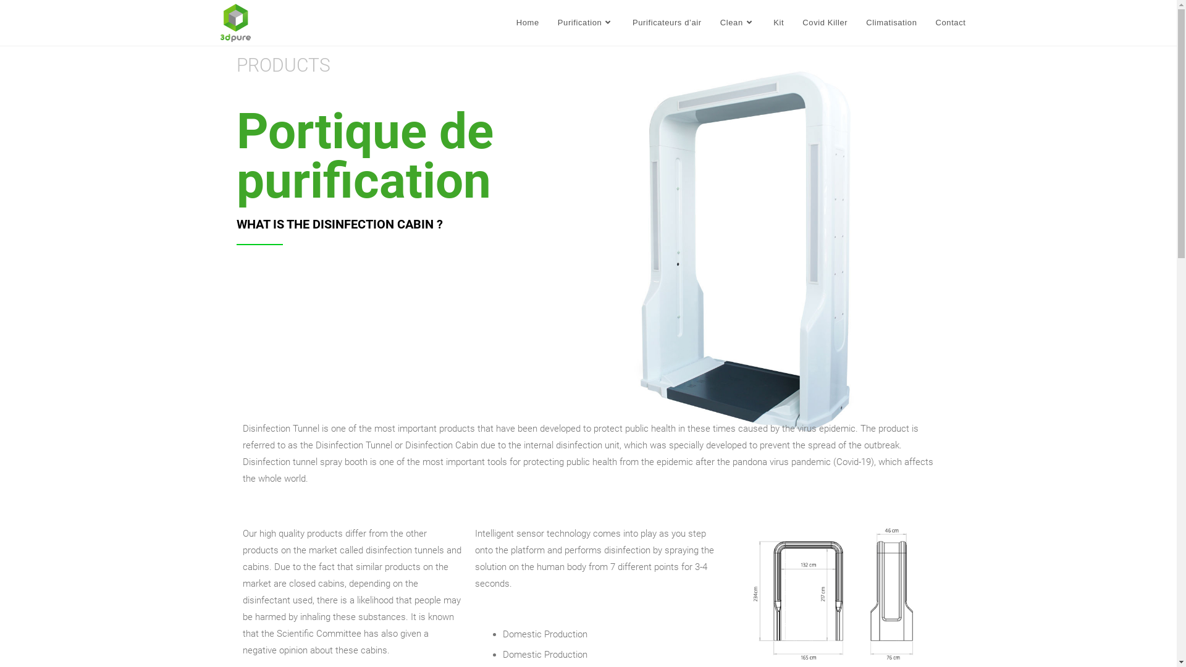  What do you see at coordinates (528, 23) in the screenshot?
I see `'Home'` at bounding box center [528, 23].